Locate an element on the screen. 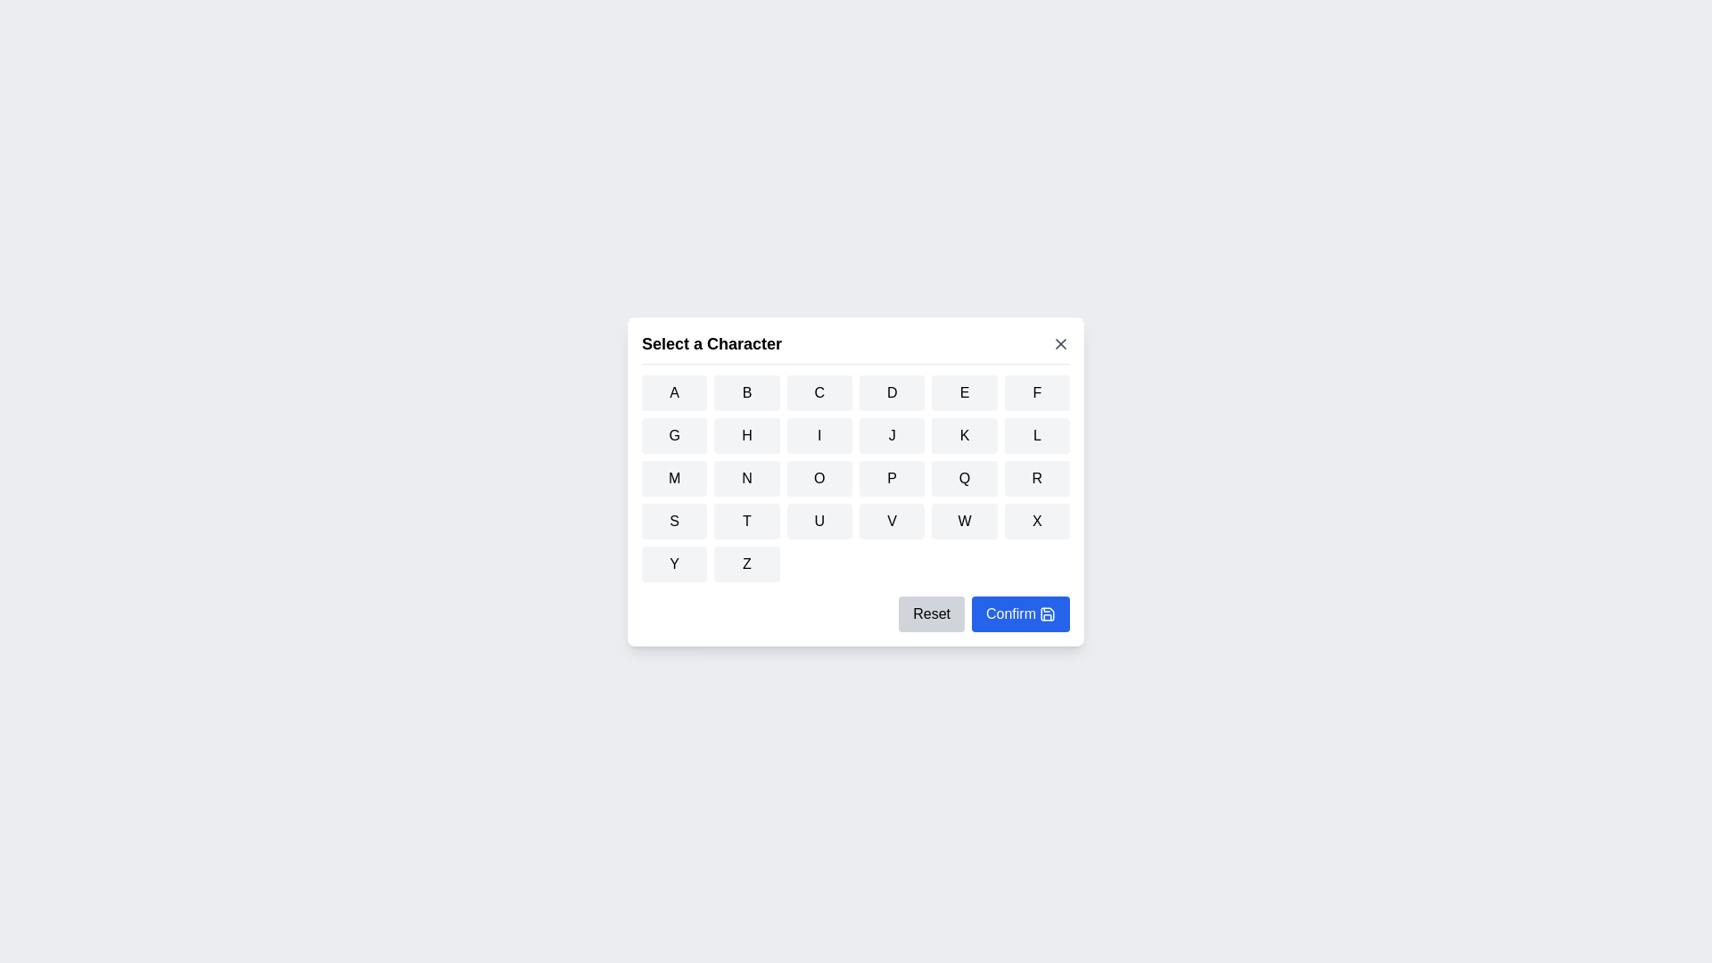  the button corresponding to the character U to select it is located at coordinates (818, 520).